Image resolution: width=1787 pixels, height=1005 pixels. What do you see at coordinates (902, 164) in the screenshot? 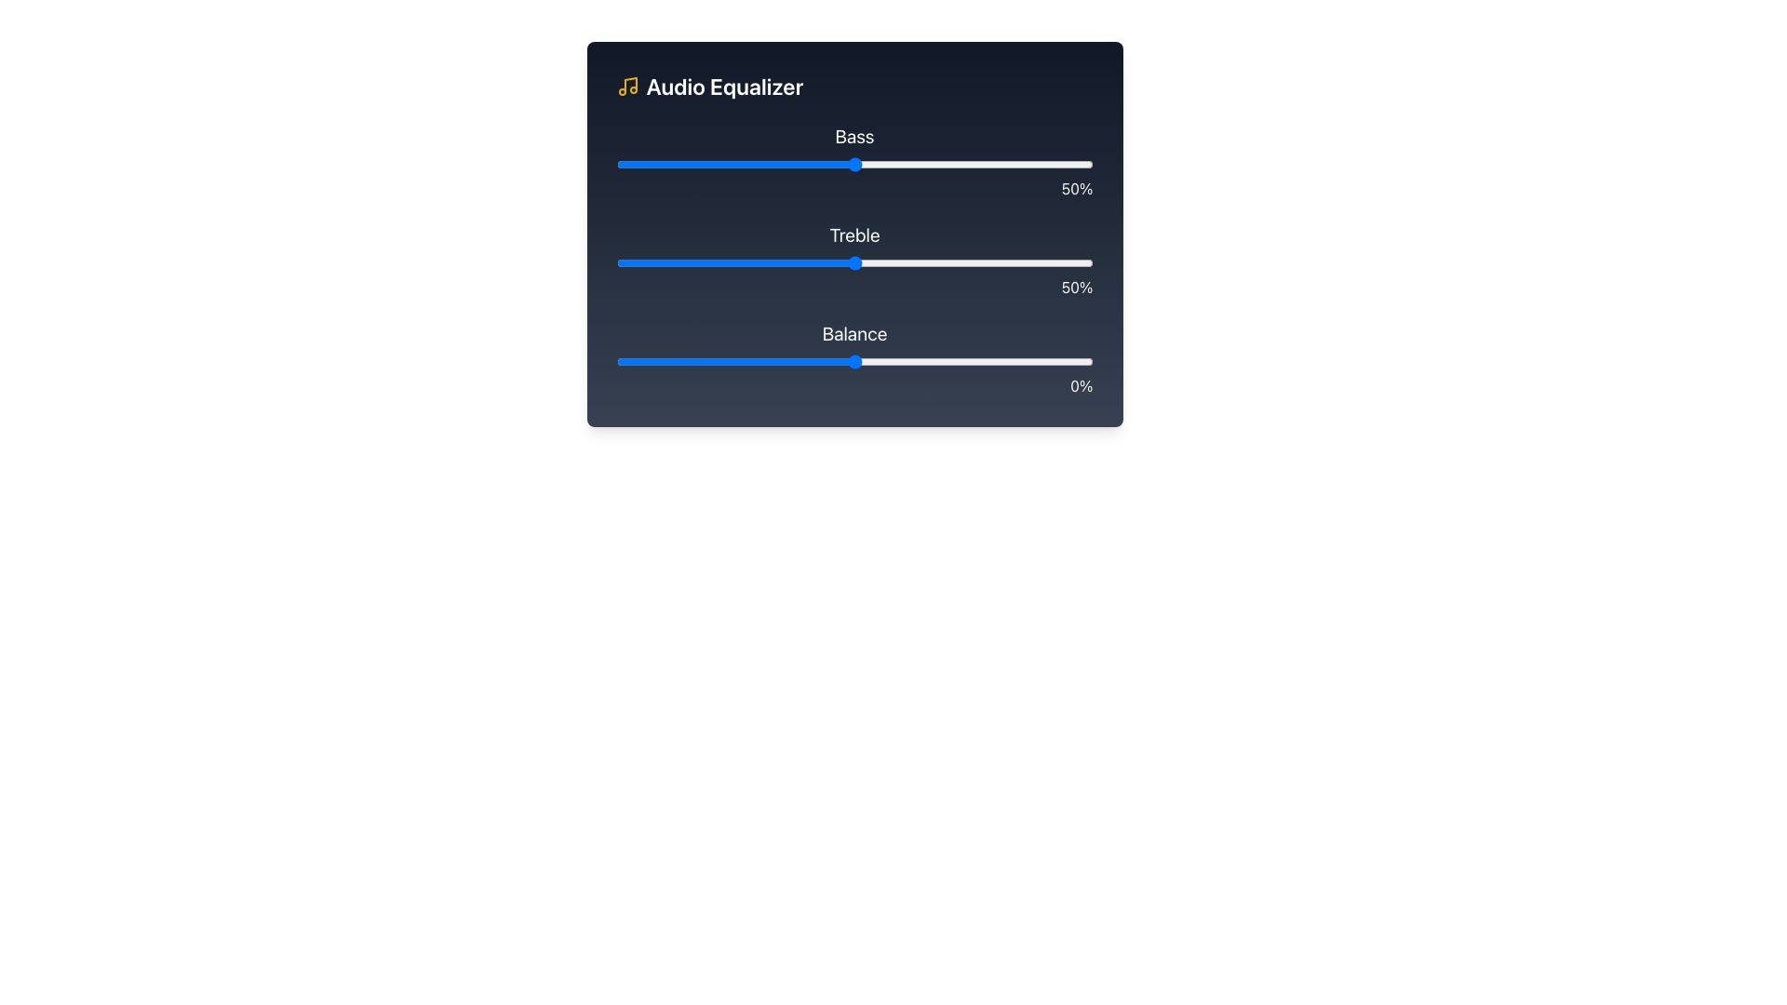
I see `the bass level` at bounding box center [902, 164].